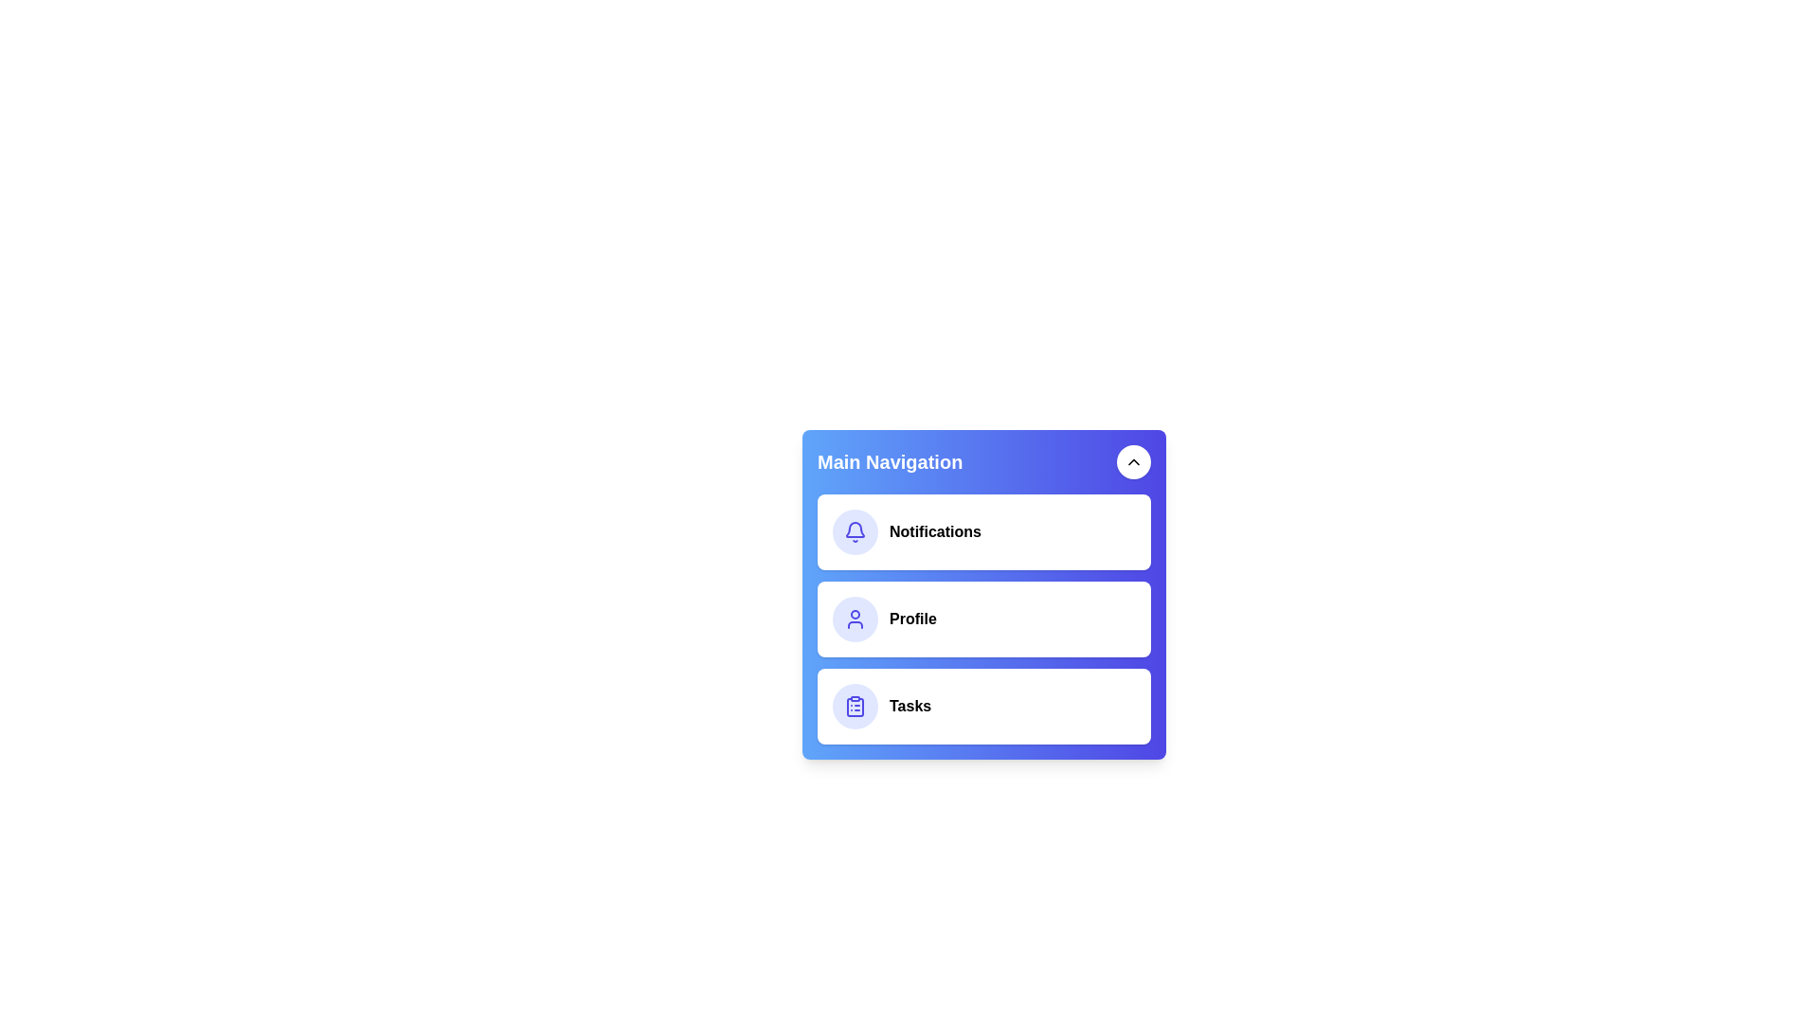 Image resolution: width=1819 pixels, height=1023 pixels. What do you see at coordinates (983, 706) in the screenshot?
I see `the menu item Tasks to perform its associated action` at bounding box center [983, 706].